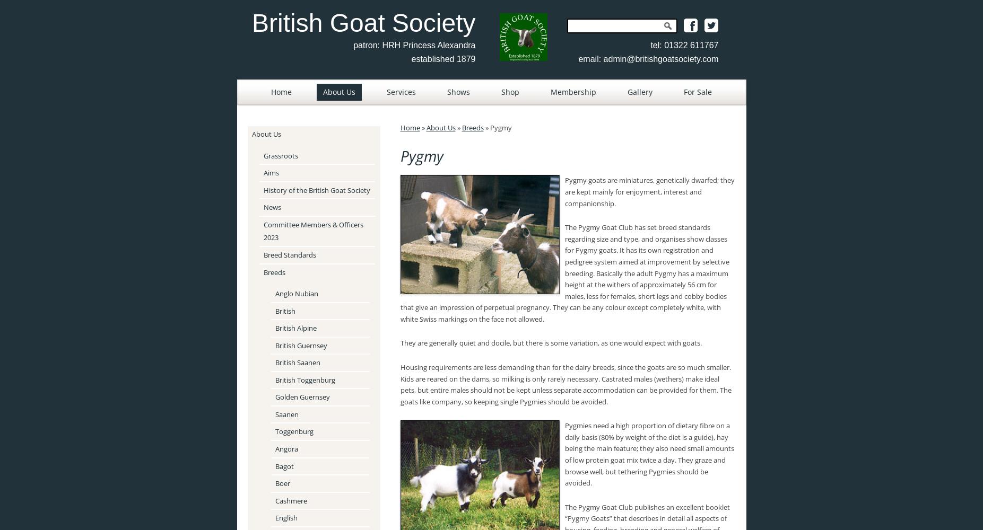  I want to click on 'Aims', so click(270, 172).